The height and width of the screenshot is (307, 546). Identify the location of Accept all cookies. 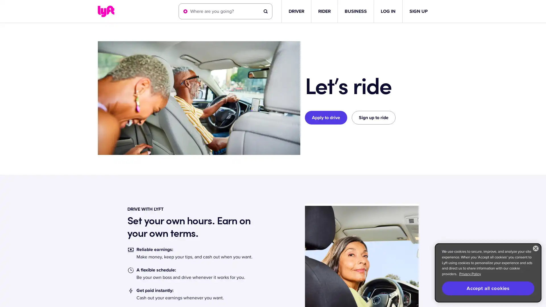
(488, 288).